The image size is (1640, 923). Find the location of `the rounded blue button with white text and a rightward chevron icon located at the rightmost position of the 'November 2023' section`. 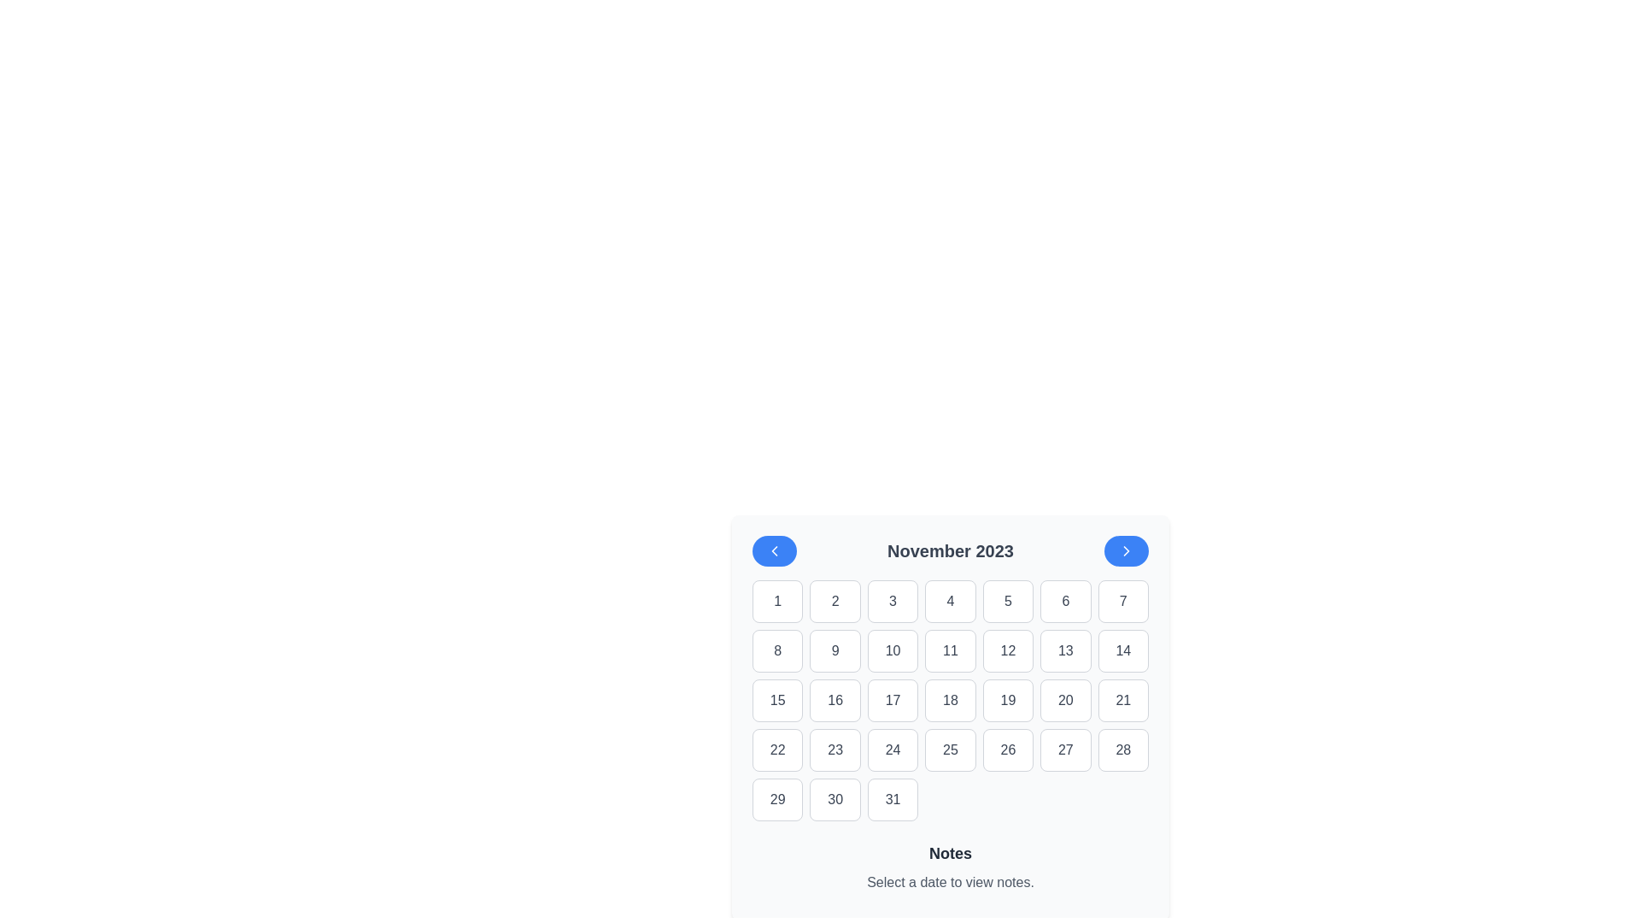

the rounded blue button with white text and a rightward chevron icon located at the rightmost position of the 'November 2023' section is located at coordinates (1127, 550).